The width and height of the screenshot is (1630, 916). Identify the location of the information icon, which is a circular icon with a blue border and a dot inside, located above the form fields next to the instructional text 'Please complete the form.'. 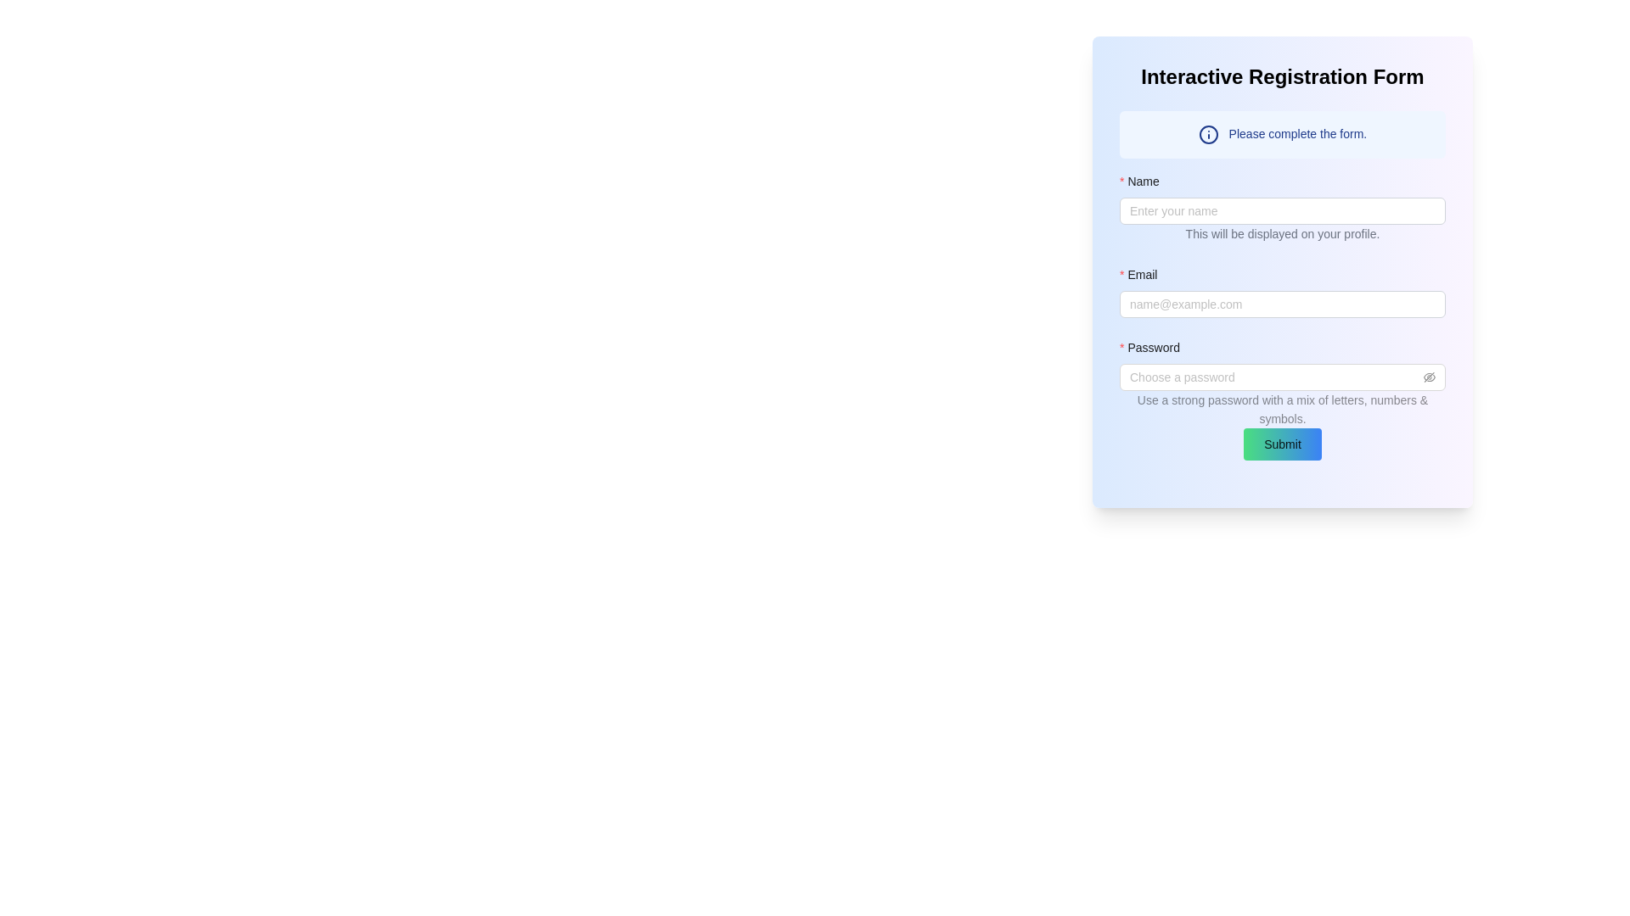
(1207, 134).